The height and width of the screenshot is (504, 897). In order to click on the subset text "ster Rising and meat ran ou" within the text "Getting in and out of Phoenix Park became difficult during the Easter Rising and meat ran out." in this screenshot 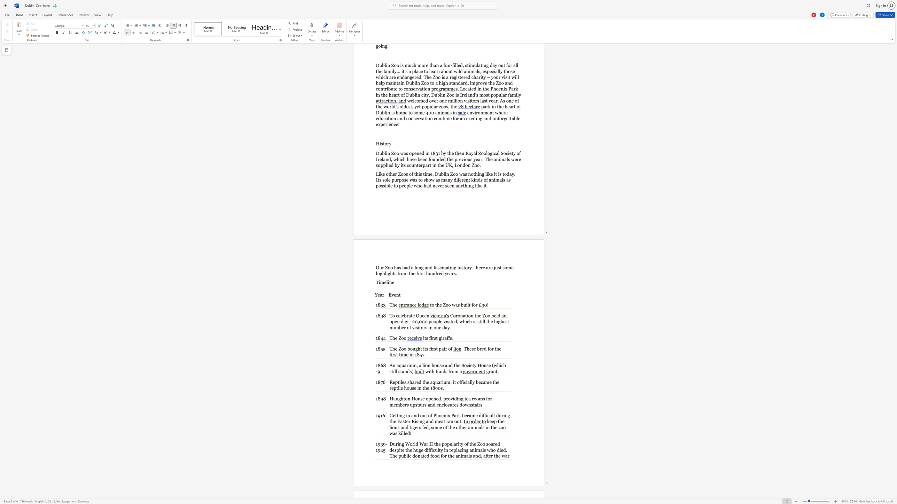, I will do `click(402, 421)`.